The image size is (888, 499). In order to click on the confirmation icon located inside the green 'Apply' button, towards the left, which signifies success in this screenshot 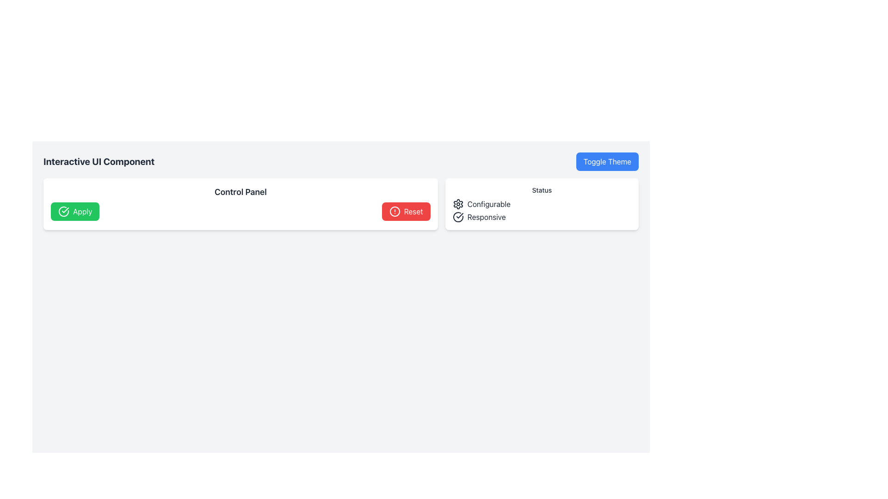, I will do `click(65, 210)`.